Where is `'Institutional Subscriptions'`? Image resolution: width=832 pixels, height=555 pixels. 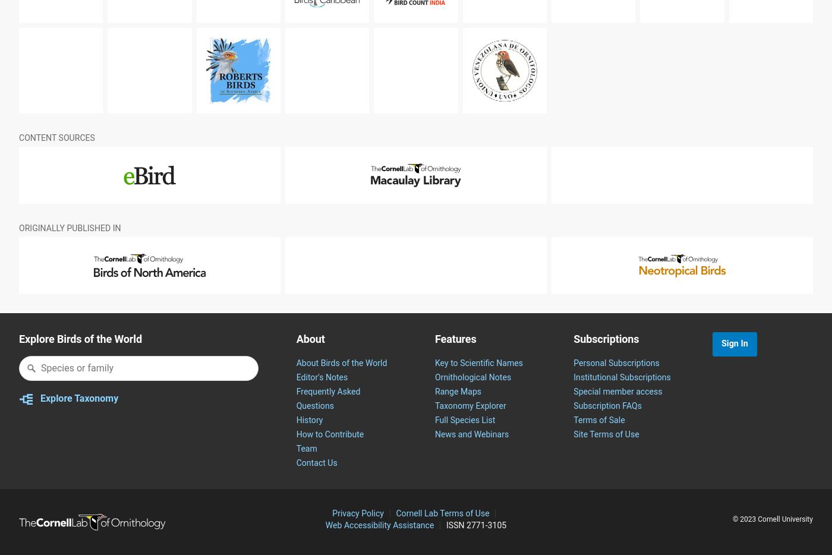
'Institutional Subscriptions' is located at coordinates (622, 405).